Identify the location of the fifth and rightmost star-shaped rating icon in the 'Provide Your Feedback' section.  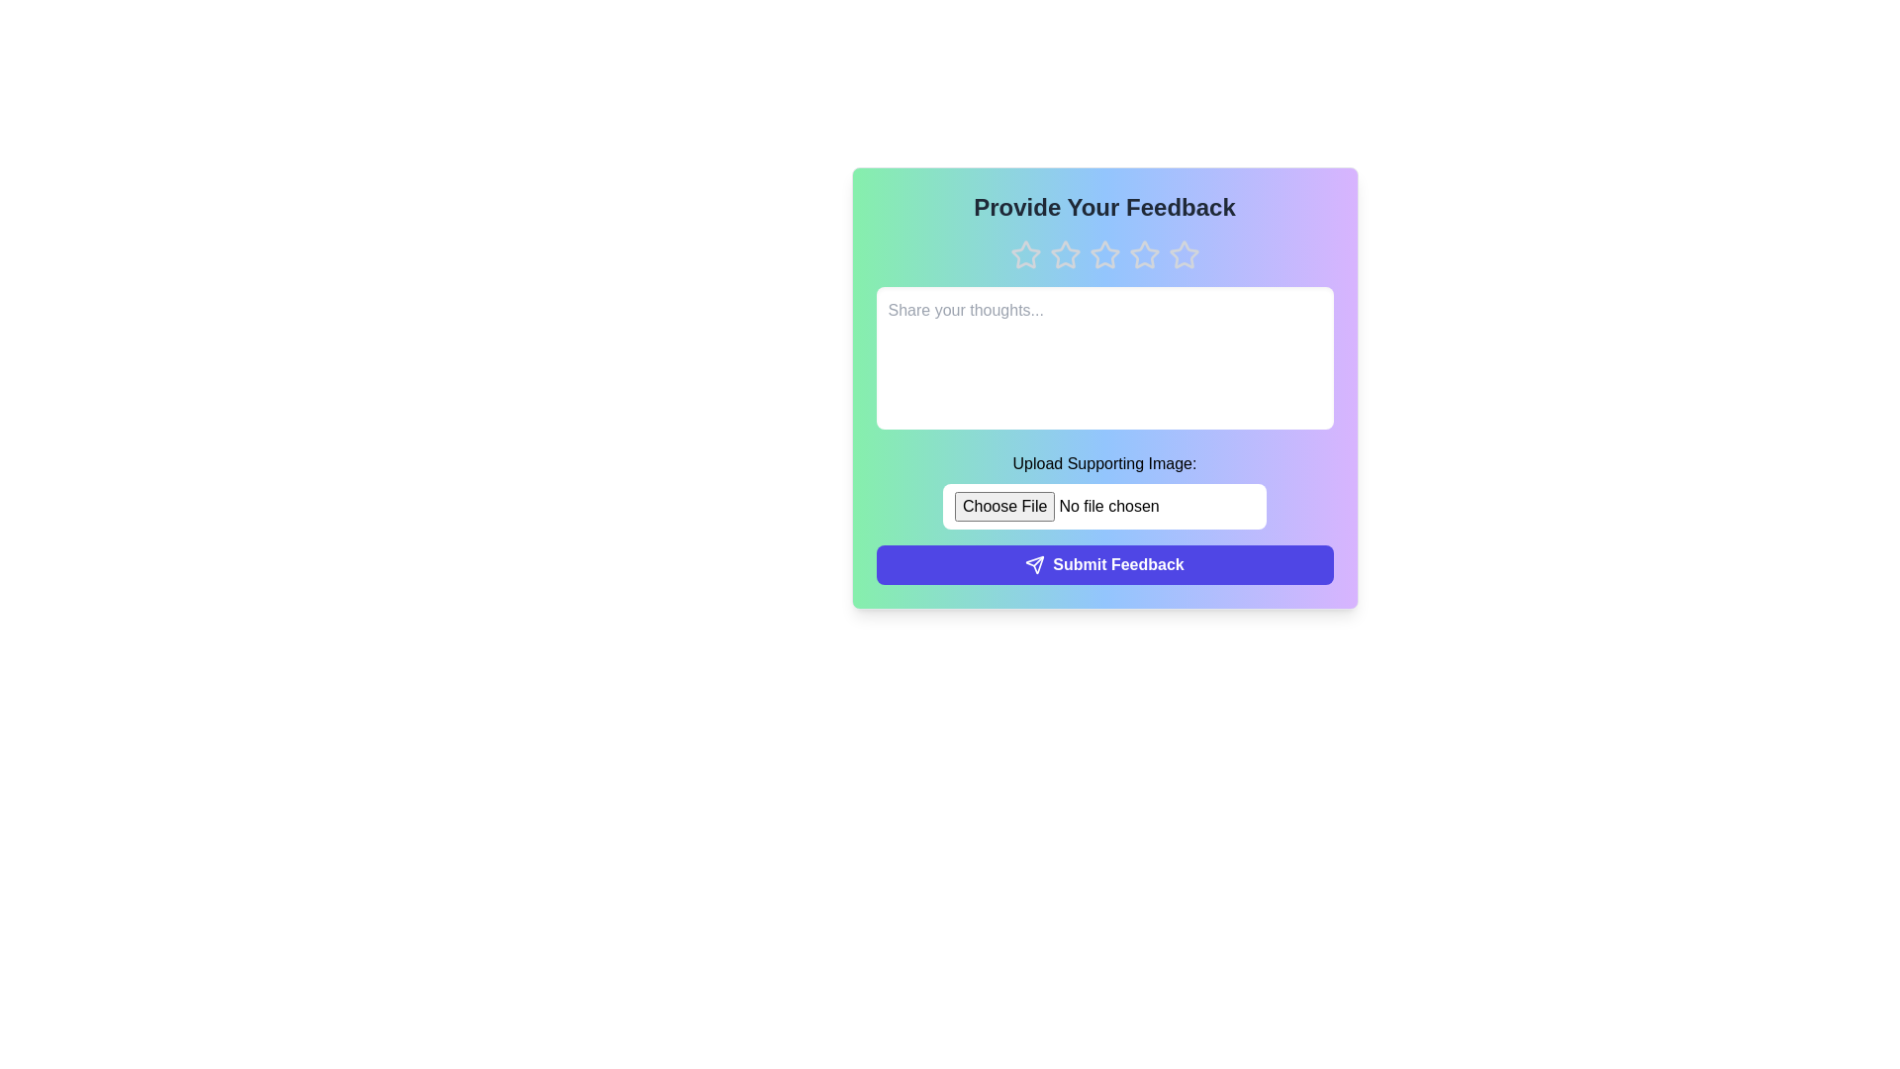
(1184, 254).